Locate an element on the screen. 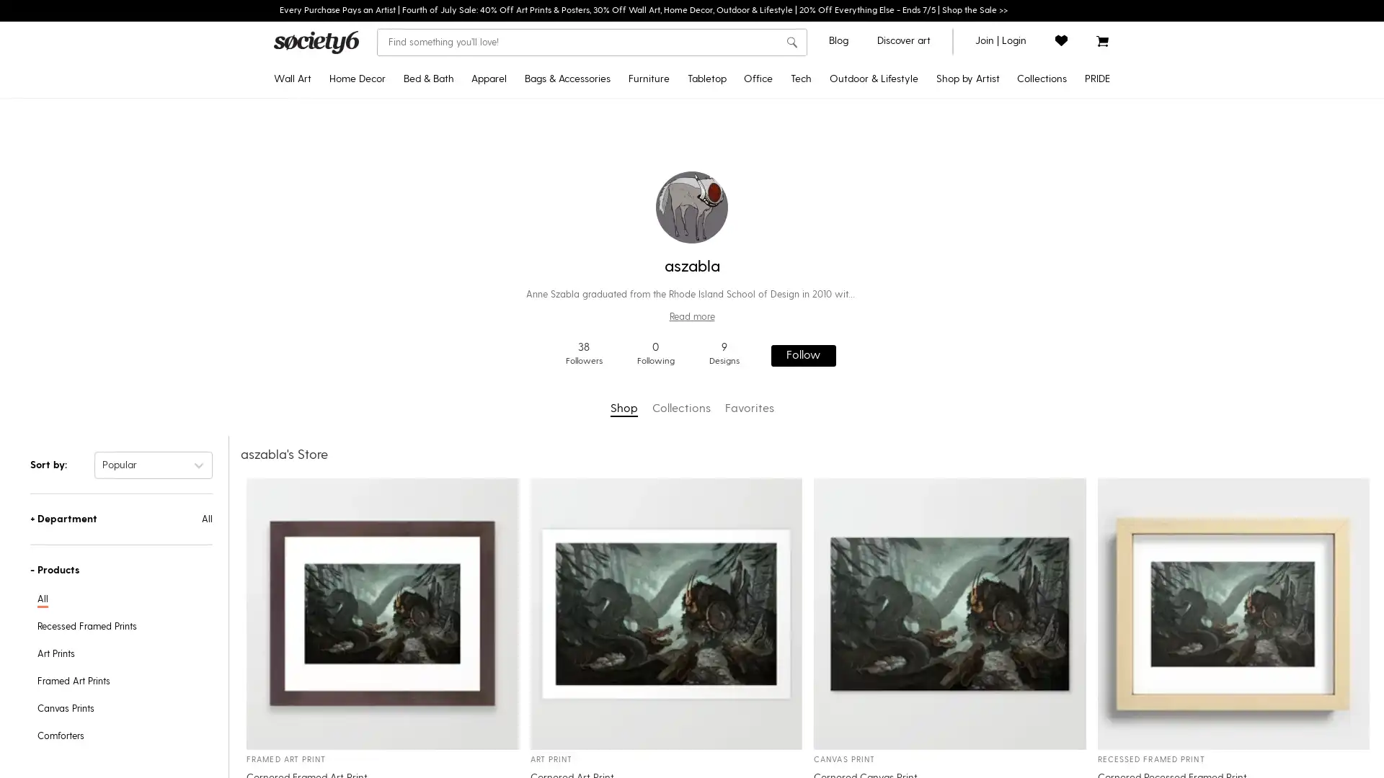 This screenshot has height=778, width=1384. Cutting Boards is located at coordinates (733, 300).